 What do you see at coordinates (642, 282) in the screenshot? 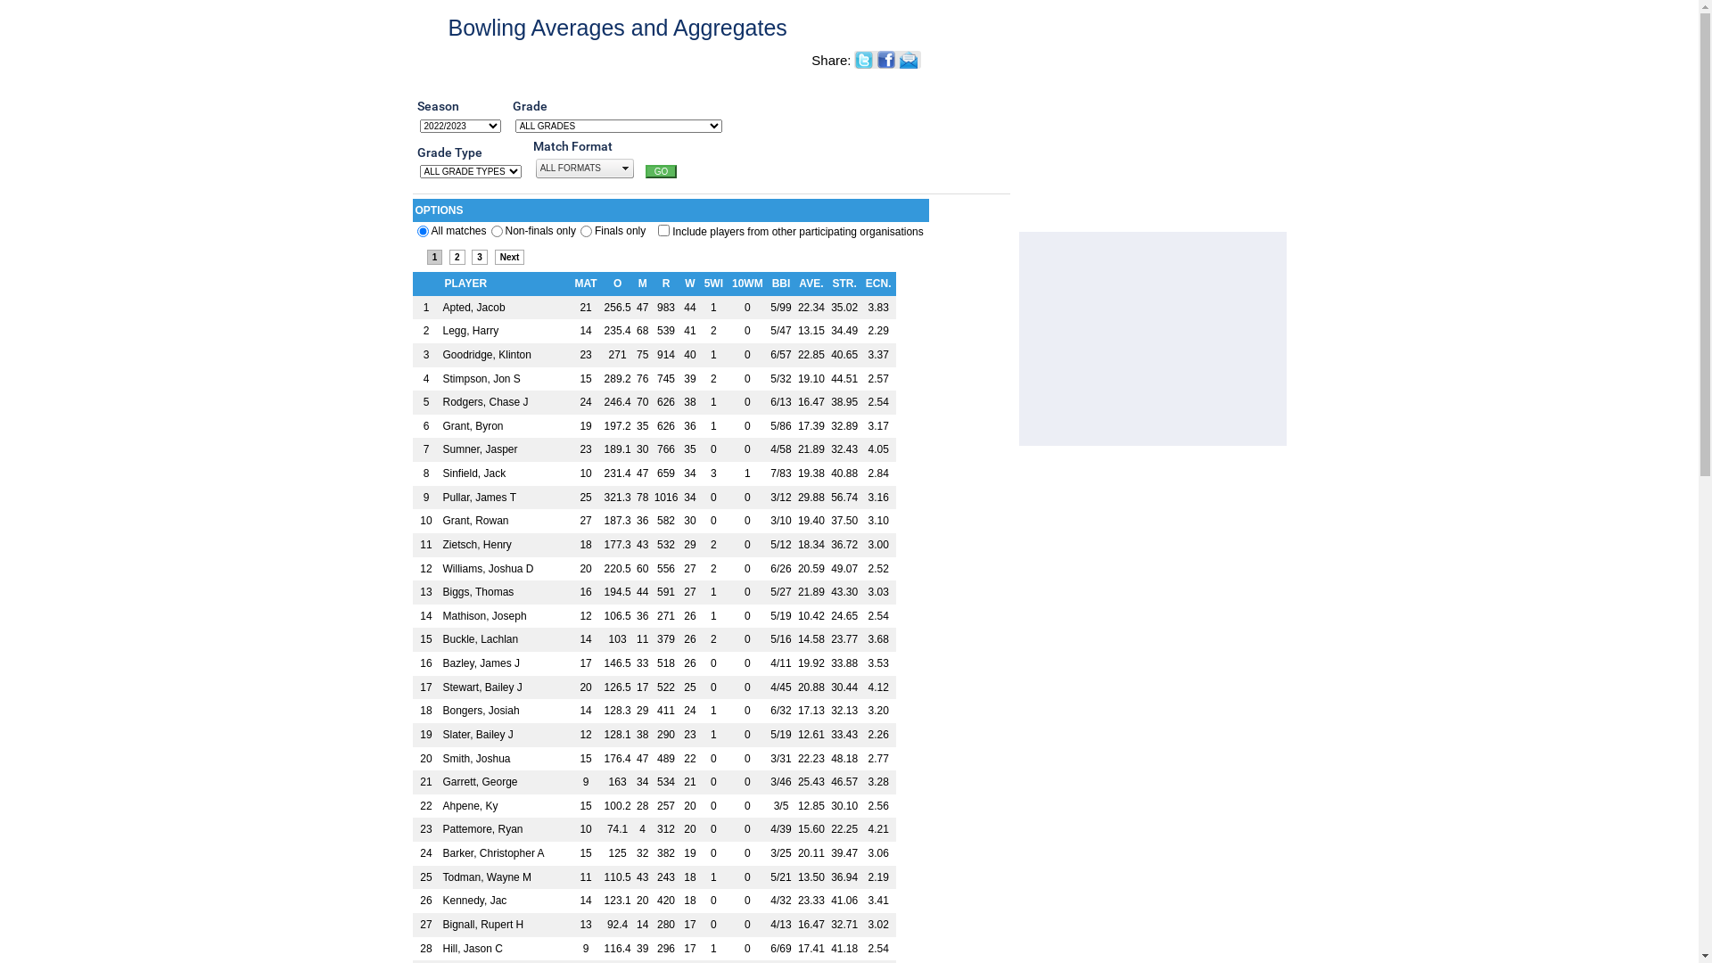
I see `'M'` at bounding box center [642, 282].